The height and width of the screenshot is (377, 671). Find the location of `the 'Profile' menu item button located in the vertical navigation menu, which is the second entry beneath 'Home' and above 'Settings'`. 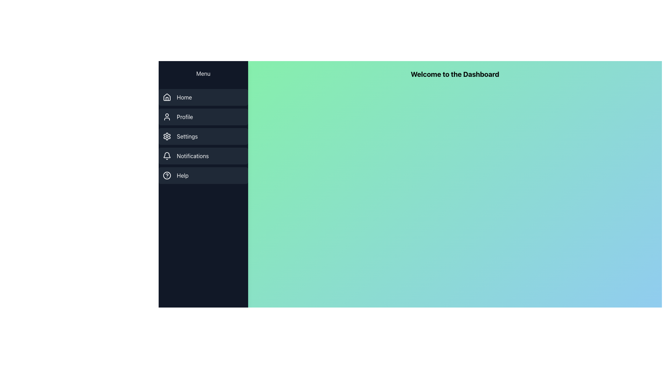

the 'Profile' menu item button located in the vertical navigation menu, which is the second entry beneath 'Home' and above 'Settings' is located at coordinates (203, 117).